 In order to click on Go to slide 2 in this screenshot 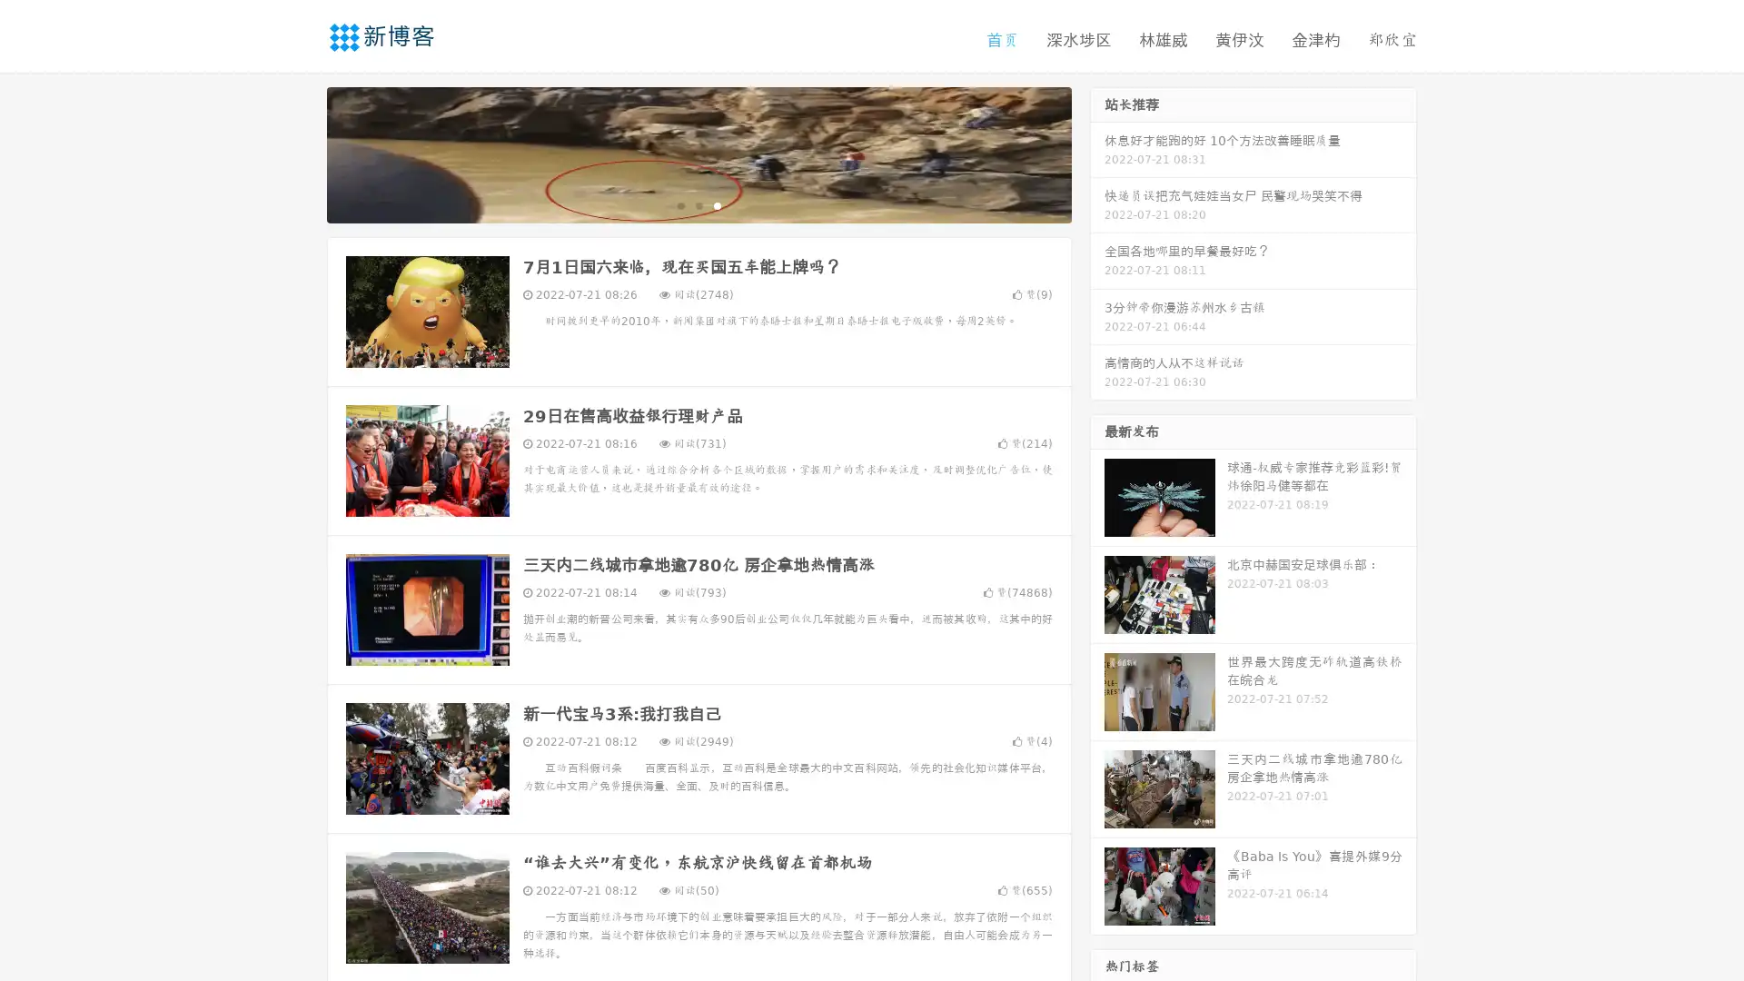, I will do `click(698, 204)`.